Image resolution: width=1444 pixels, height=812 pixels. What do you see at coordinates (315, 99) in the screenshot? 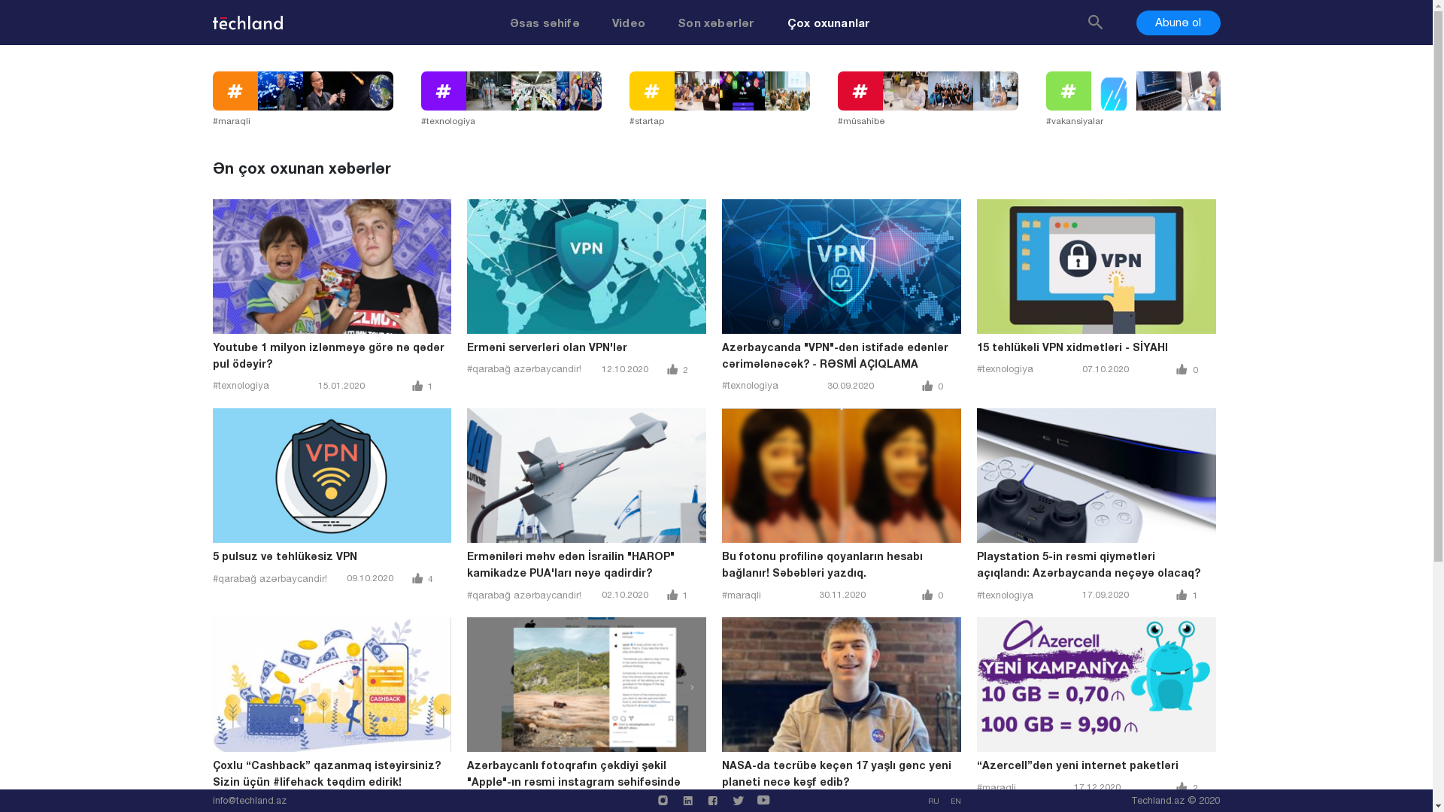
I see `'#maraqli'` at bounding box center [315, 99].